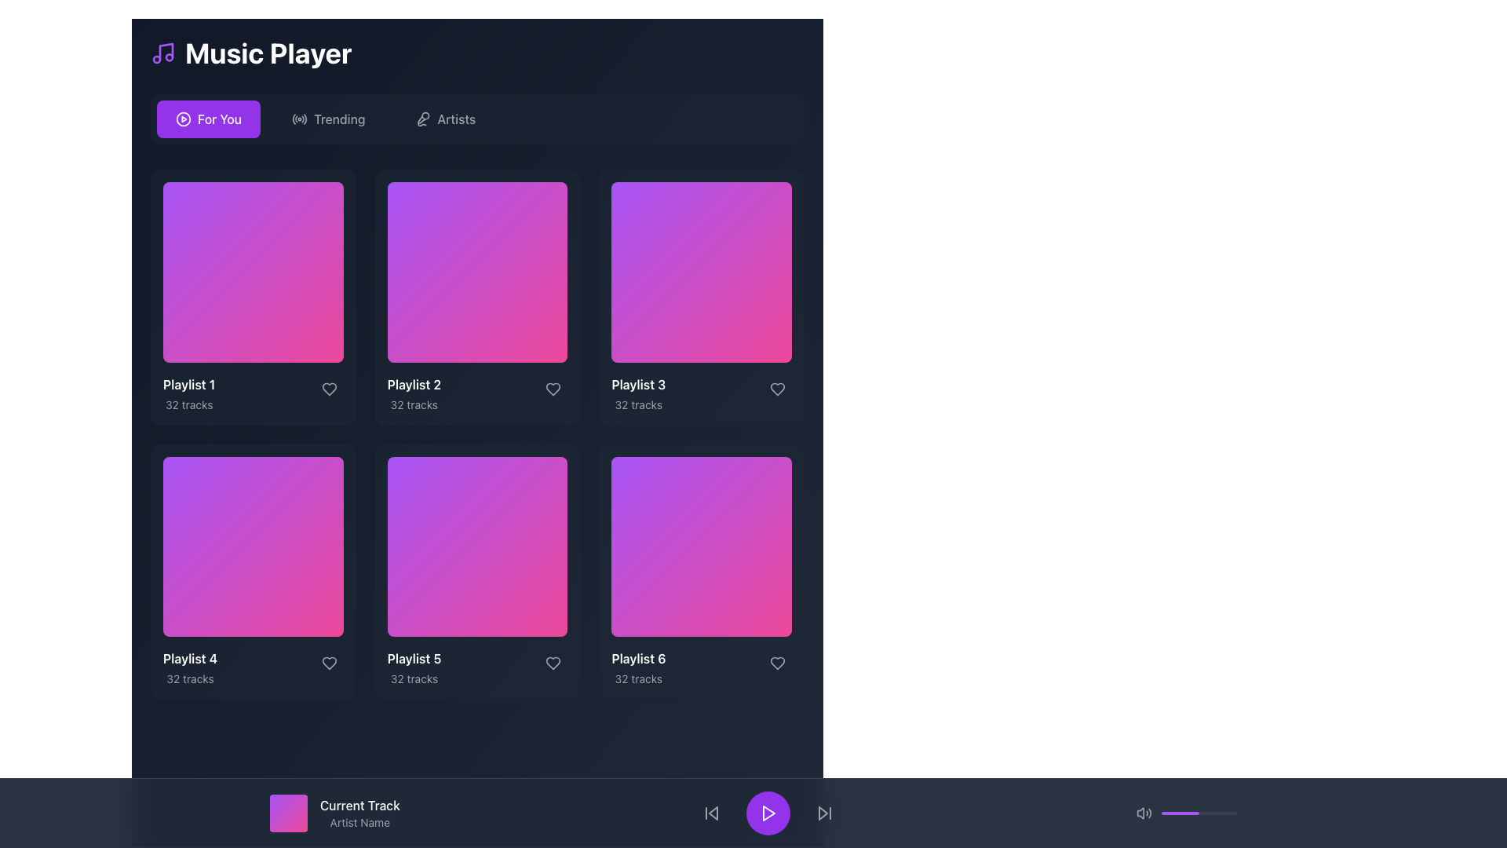 The width and height of the screenshot is (1507, 848). I want to click on the Informational display that shows the currently playing track's title, artist, and cover art by moving the cursor to its center point, so click(334, 813).